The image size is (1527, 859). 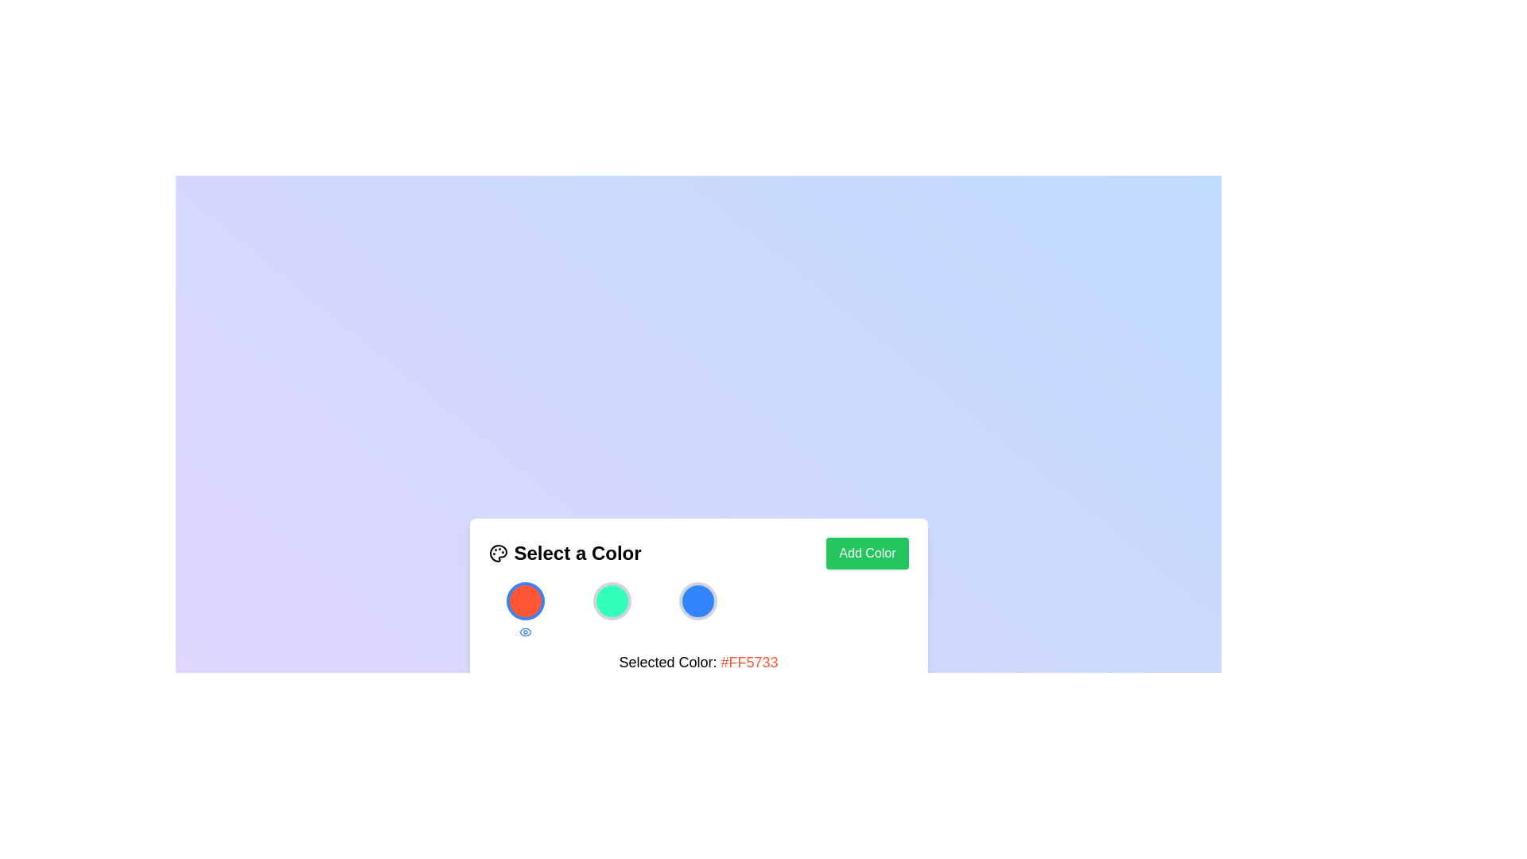 I want to click on the color selection button located in the center column of a 5-column grid layout, specifically the second column from the left, so click(x=611, y=609).